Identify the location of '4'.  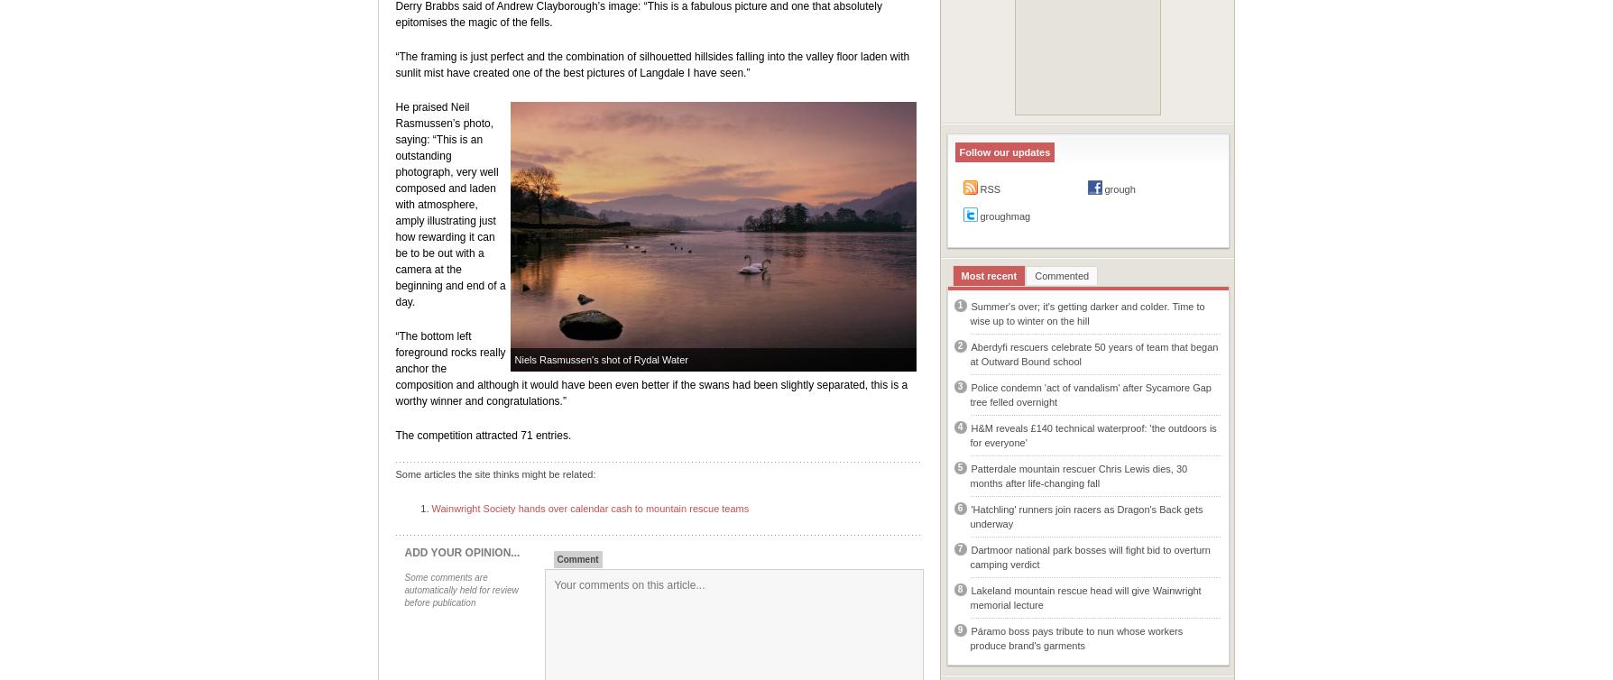
(960, 427).